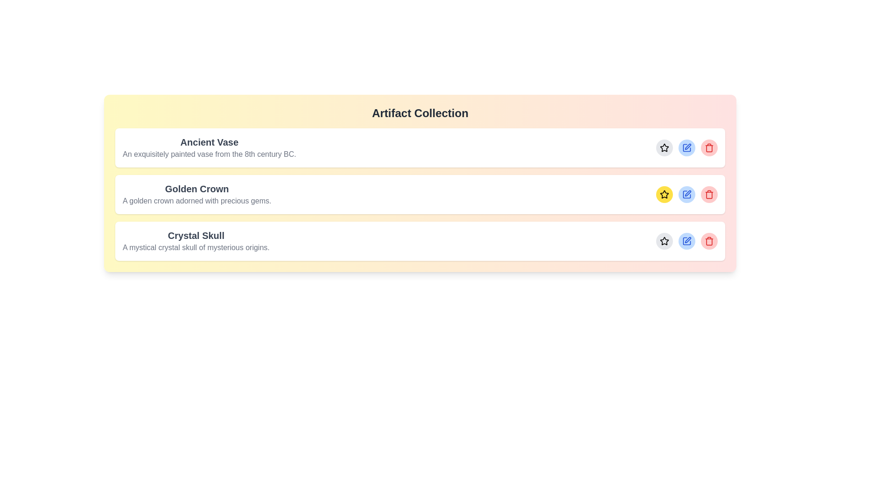 The image size is (896, 504). I want to click on trash button to remove the artifact named Crystal Skull, so click(709, 240).